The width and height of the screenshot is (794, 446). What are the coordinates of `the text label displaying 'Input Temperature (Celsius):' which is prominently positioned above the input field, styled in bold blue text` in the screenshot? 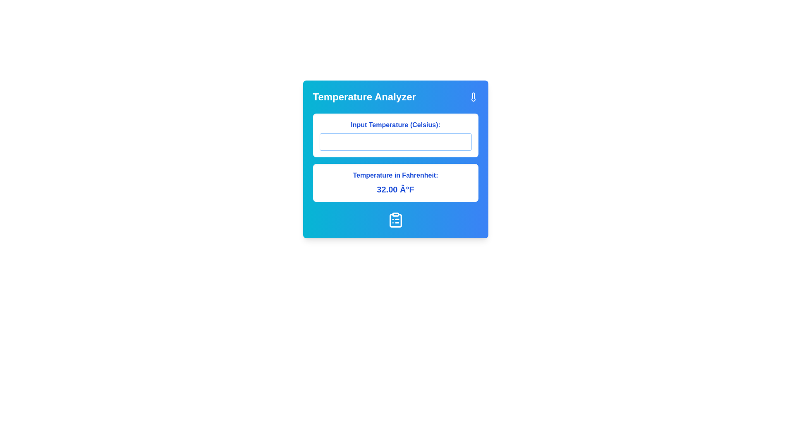 It's located at (395, 125).